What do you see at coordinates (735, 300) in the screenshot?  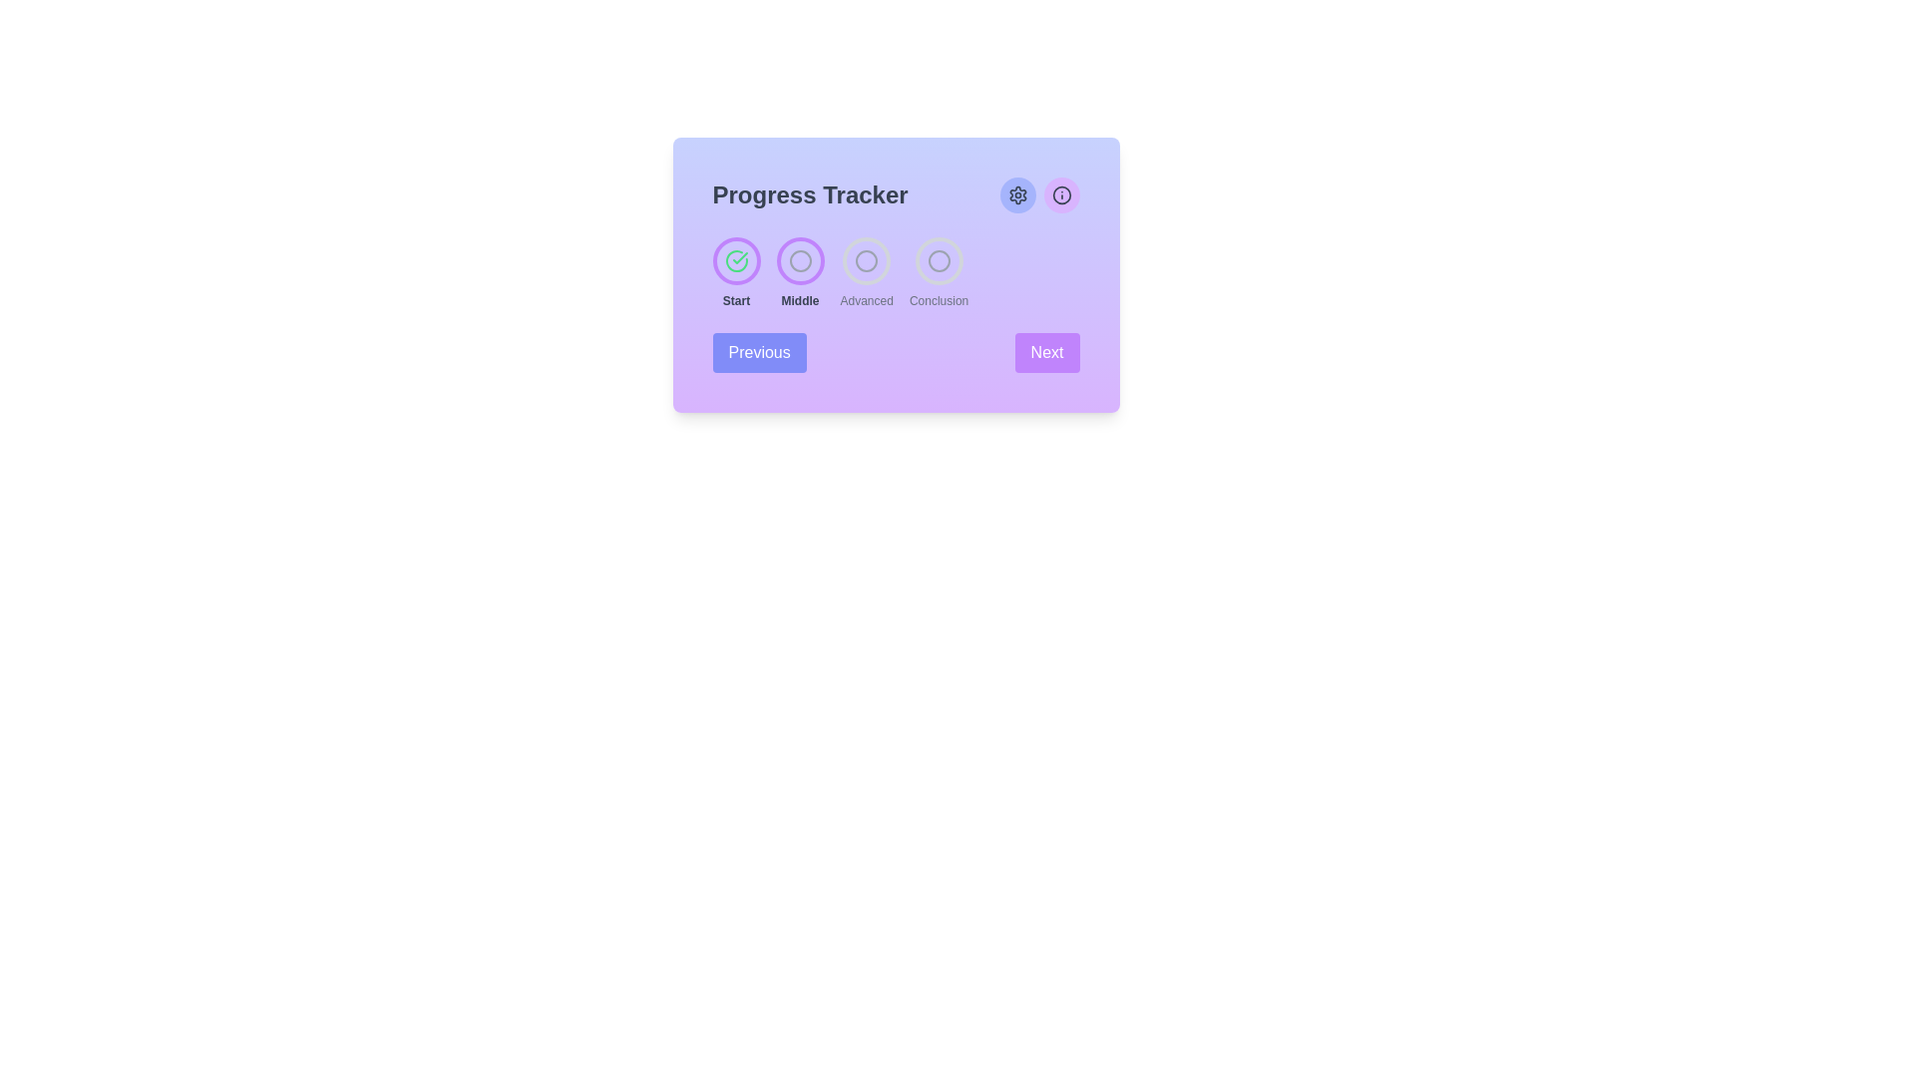 I see `the static text label that indicates the current step in the Progress Tracker, specifically the first labeled step 'Start', located below a circular icon with a green check mark` at bounding box center [735, 300].